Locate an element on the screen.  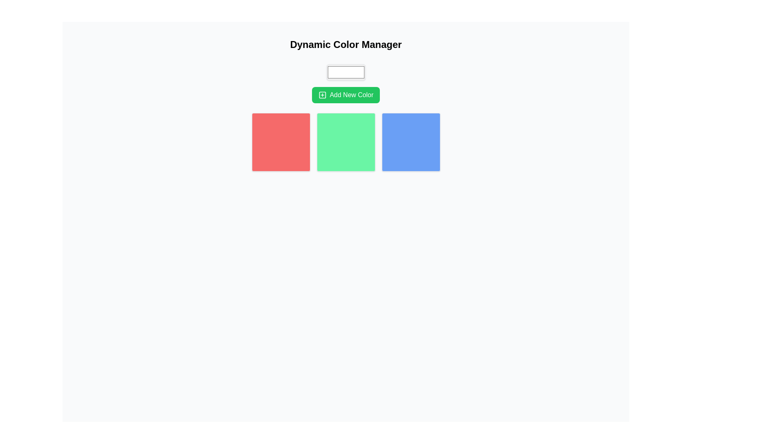
the rectangular color selector box with a white background located below the 'Dynamic Color Manager' title is located at coordinates (346, 72).